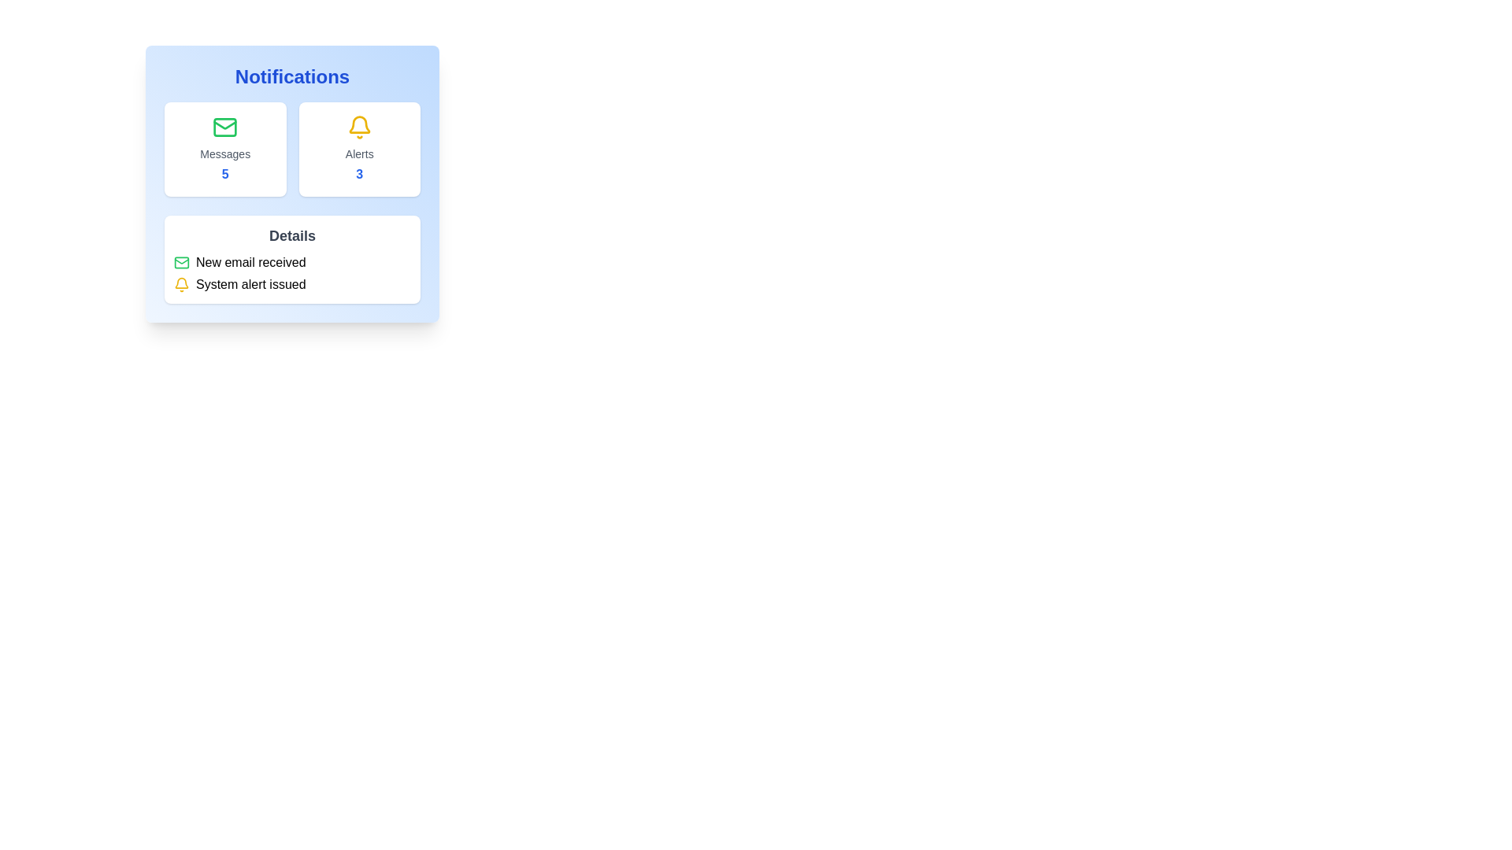 The image size is (1512, 850). Describe the element at coordinates (292, 285) in the screenshot. I see `the Notification item` at that location.